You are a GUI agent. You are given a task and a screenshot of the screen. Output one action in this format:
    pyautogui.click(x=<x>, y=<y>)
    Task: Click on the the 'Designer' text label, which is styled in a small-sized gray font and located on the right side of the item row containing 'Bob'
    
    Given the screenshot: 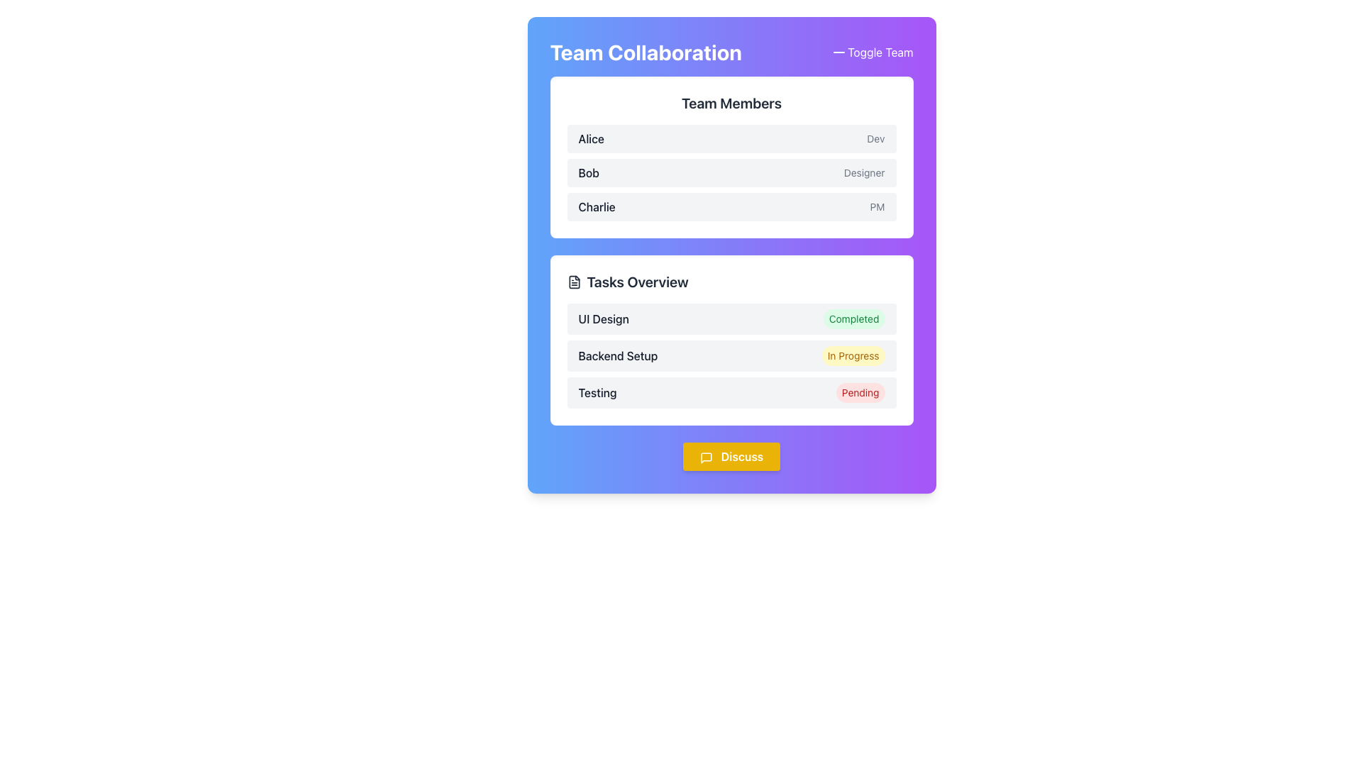 What is the action you would take?
    pyautogui.click(x=863, y=172)
    